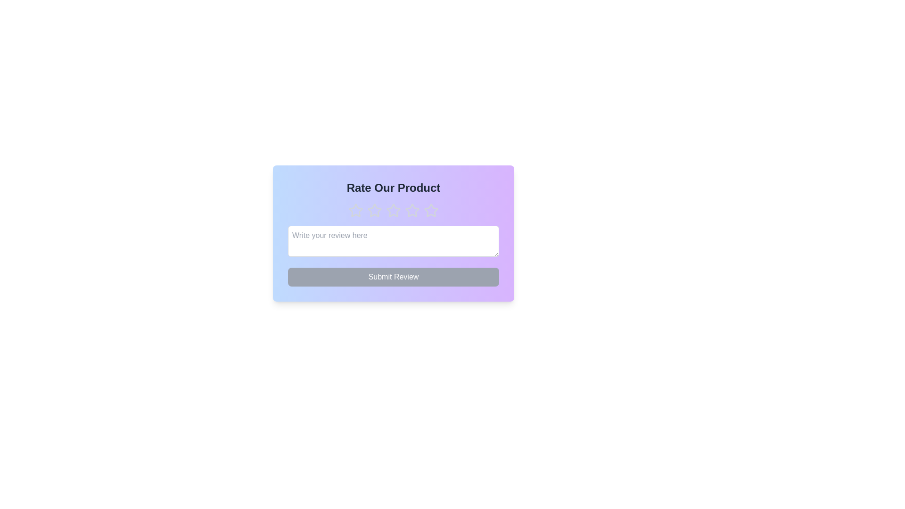  What do you see at coordinates (394, 210) in the screenshot?
I see `the star corresponding to the desired rating of 3` at bounding box center [394, 210].